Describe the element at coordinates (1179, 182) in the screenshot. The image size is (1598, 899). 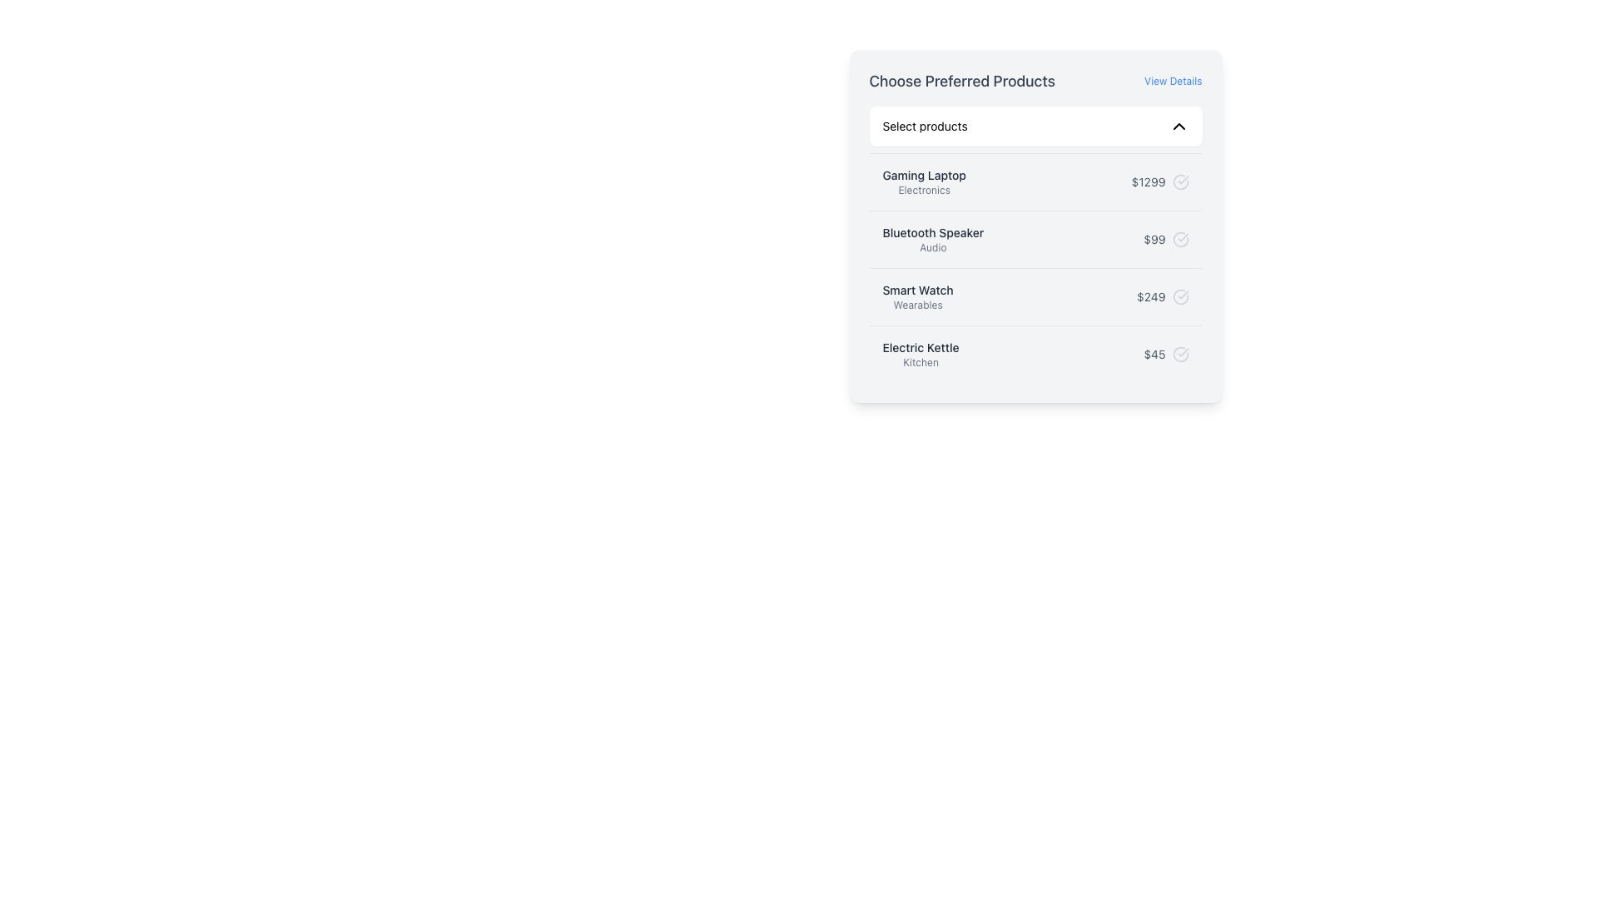
I see `the status indicator icon for the 'Gaming Laptop'` at that location.